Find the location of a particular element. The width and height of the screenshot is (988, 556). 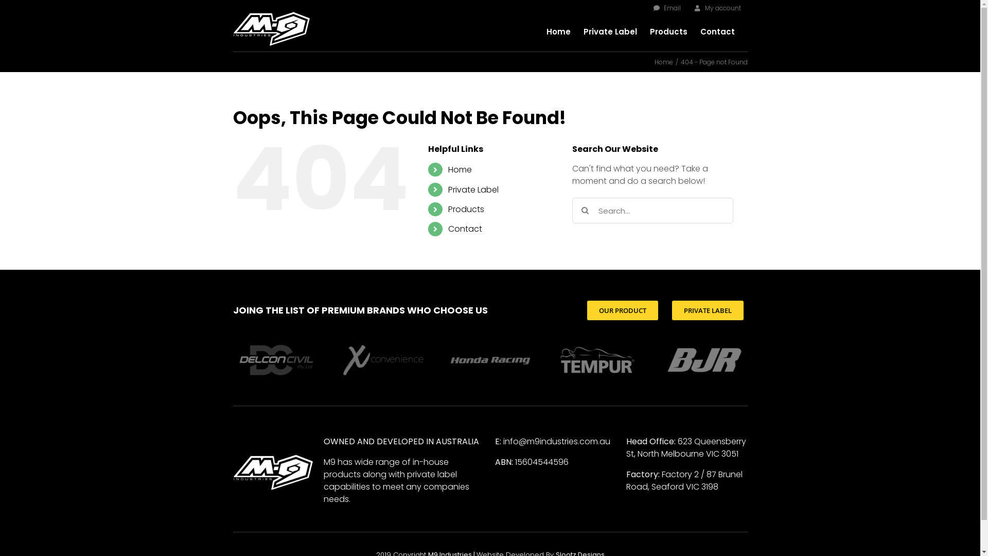

'Partner-Logo-Honda-racing@2x' is located at coordinates (489, 359).